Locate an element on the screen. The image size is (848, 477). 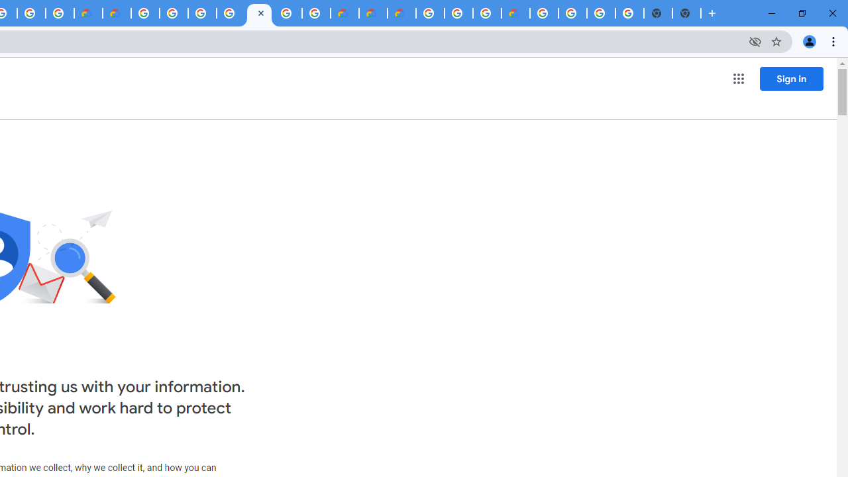
'Restore' is located at coordinates (801, 13).